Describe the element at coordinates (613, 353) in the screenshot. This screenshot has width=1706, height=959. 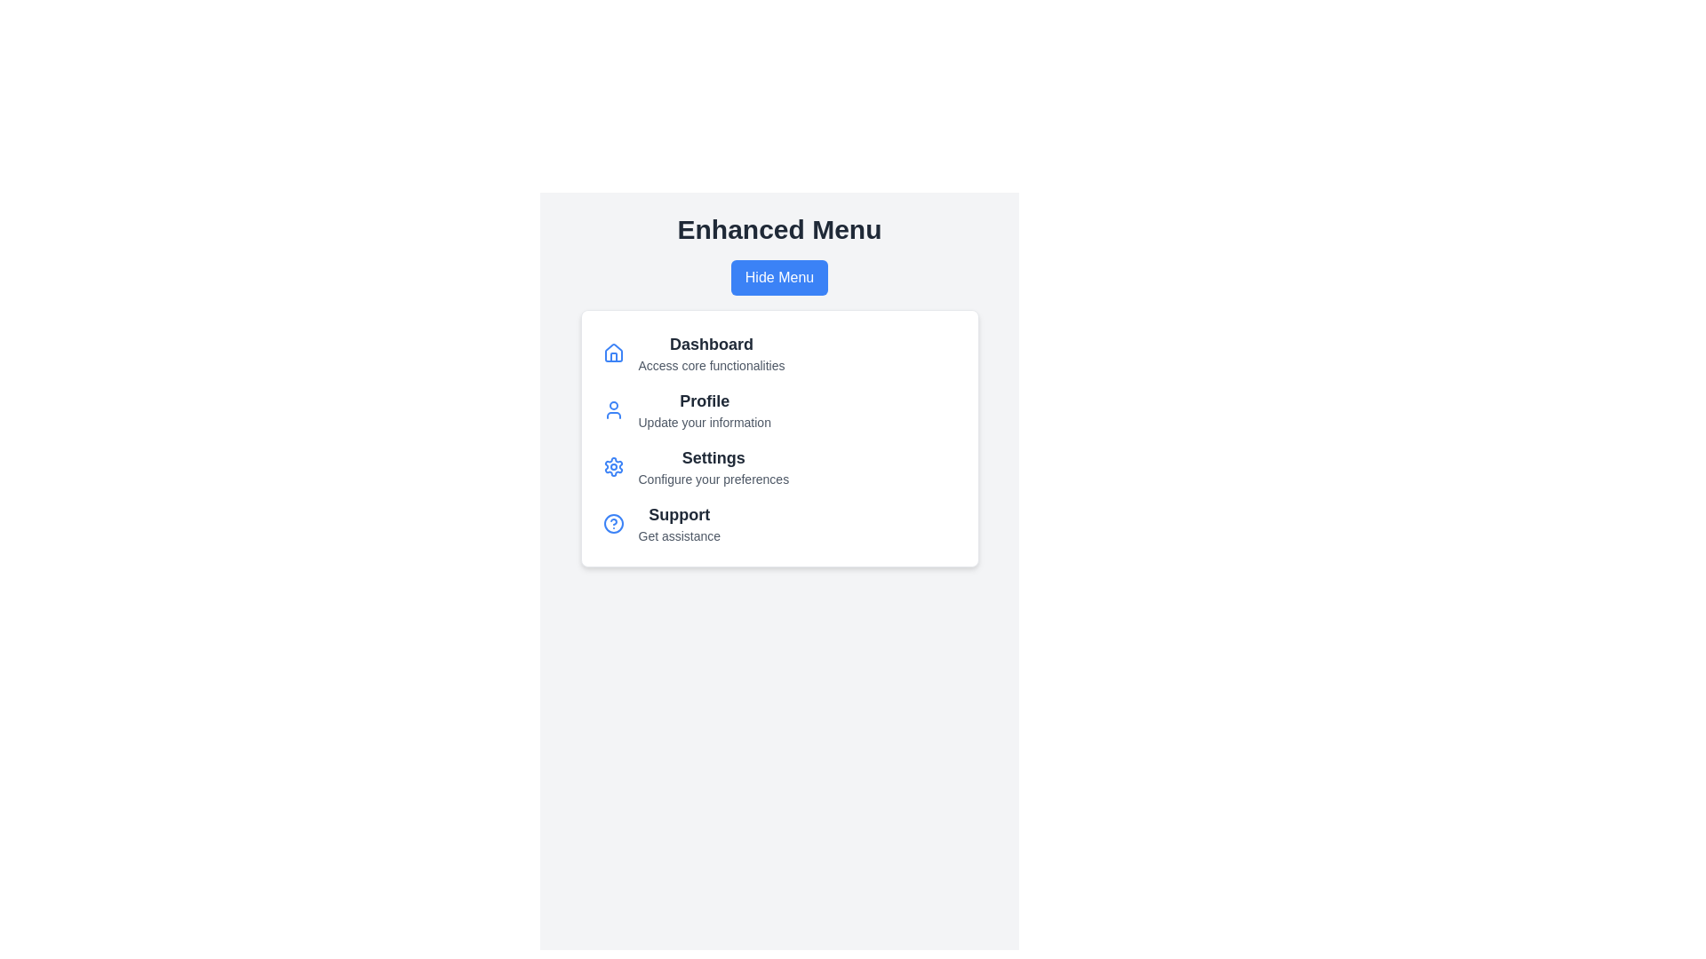
I see `the icon of the menu item labeled Dashboard` at that location.